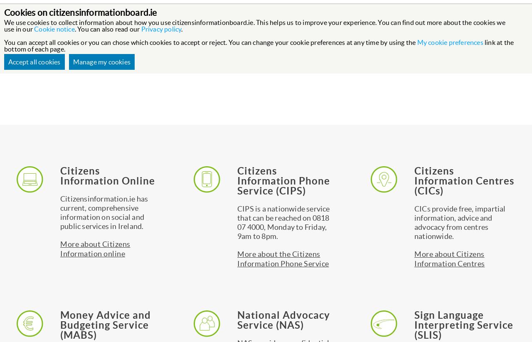  I want to click on 'You can accept all cookies or you can chose which cookies to accept or reject. You can change your cookie preferences at any time by using the', so click(210, 42).